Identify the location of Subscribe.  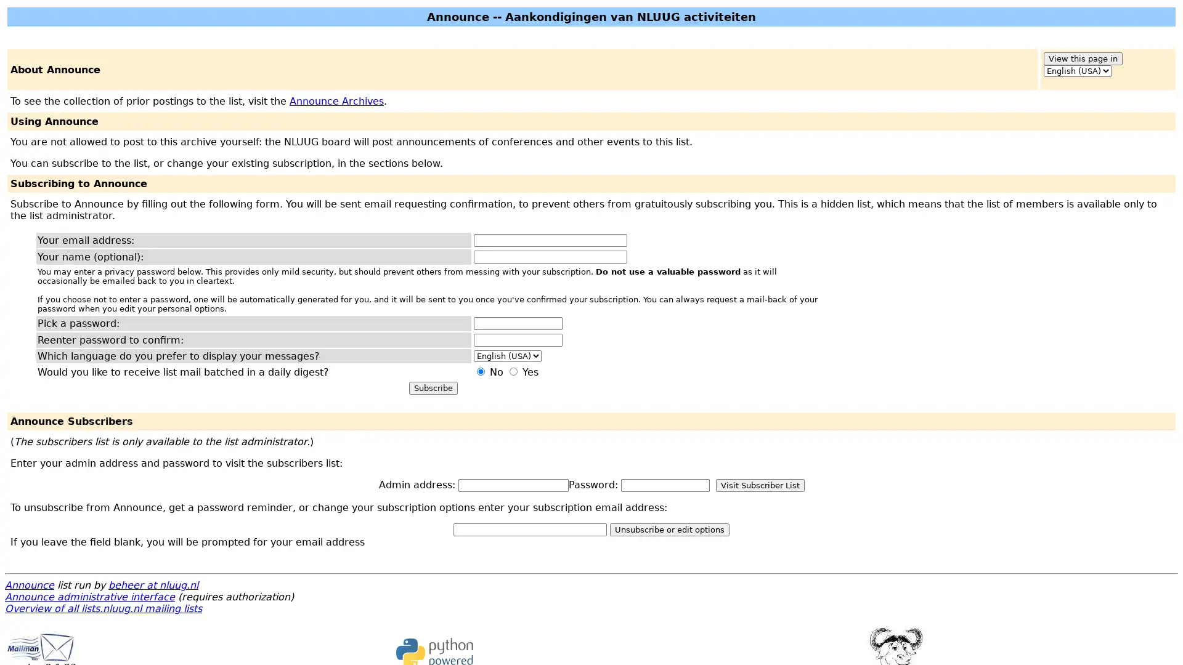
(433, 388).